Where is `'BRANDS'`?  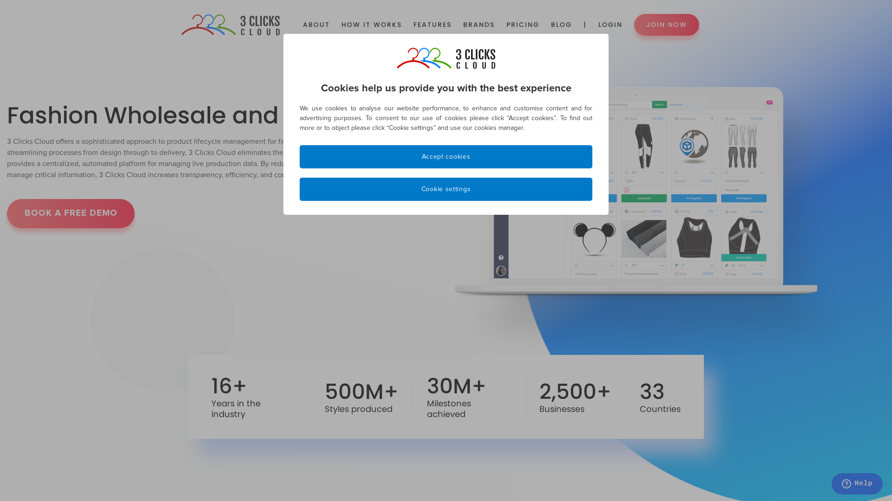 'BRANDS' is located at coordinates (479, 24).